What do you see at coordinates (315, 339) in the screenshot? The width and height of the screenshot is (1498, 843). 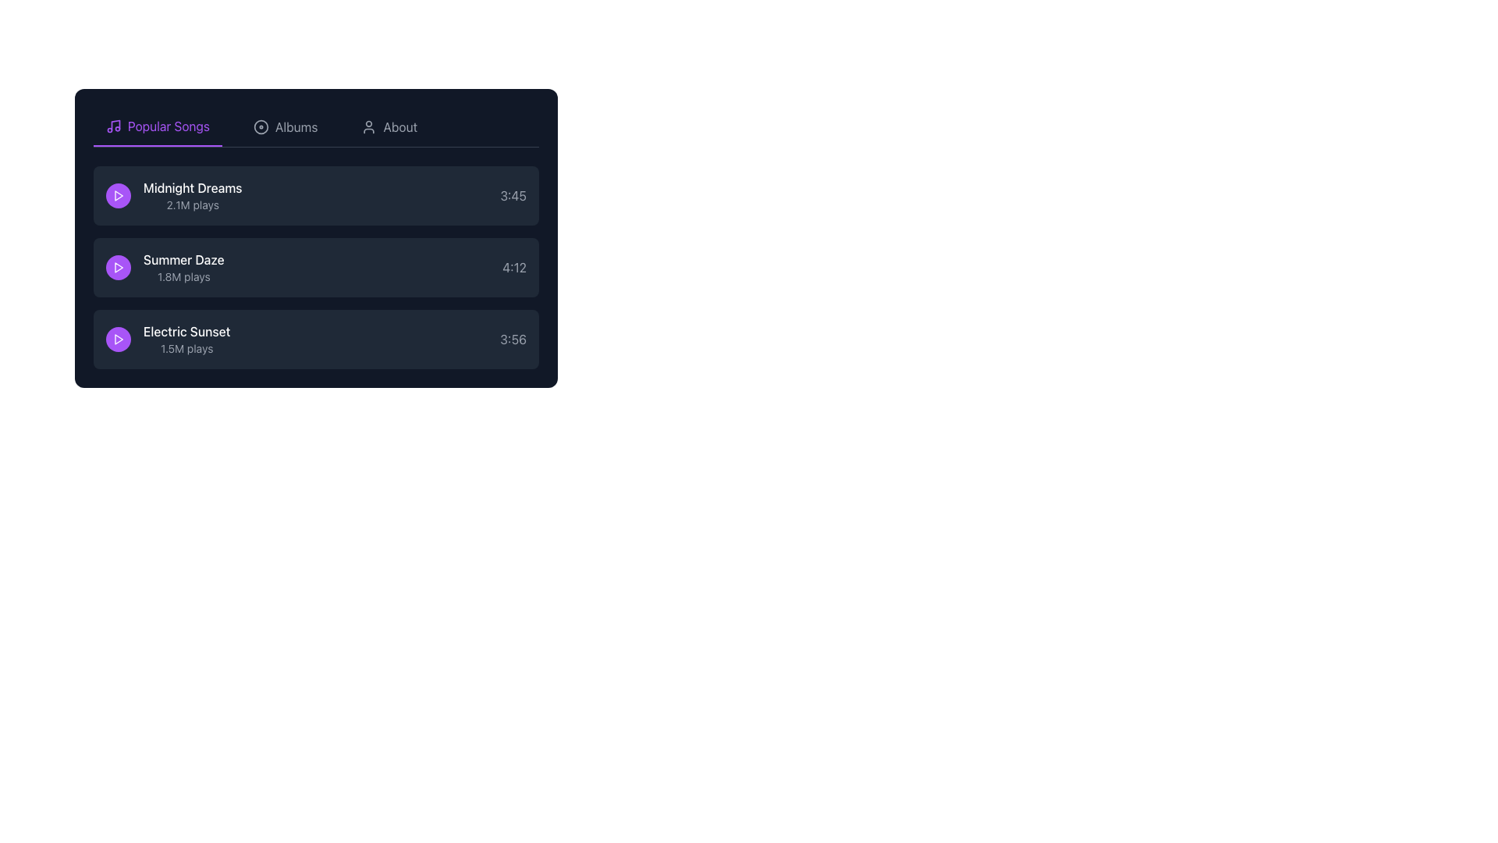 I see `the third audio track list item, which displays its title, play count, and duration` at bounding box center [315, 339].